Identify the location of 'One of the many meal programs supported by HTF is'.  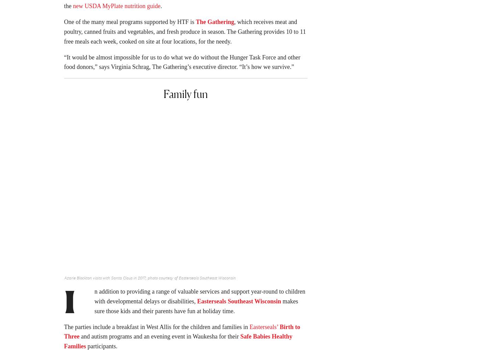
(63, 24).